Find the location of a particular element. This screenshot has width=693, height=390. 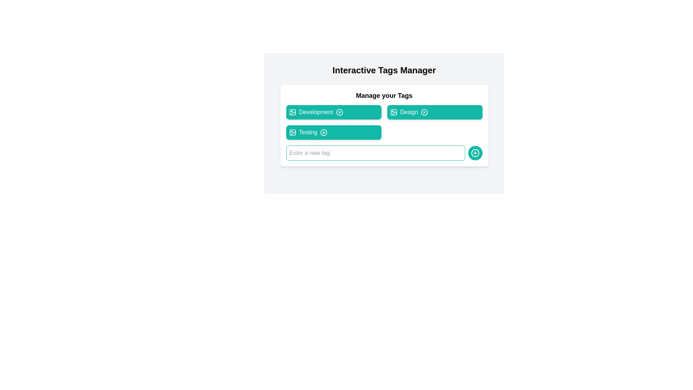

the 'Testing' tag button, which is the third item in a vertical group of tags located below the 'Development' and 'Design' tags is located at coordinates (333, 132).